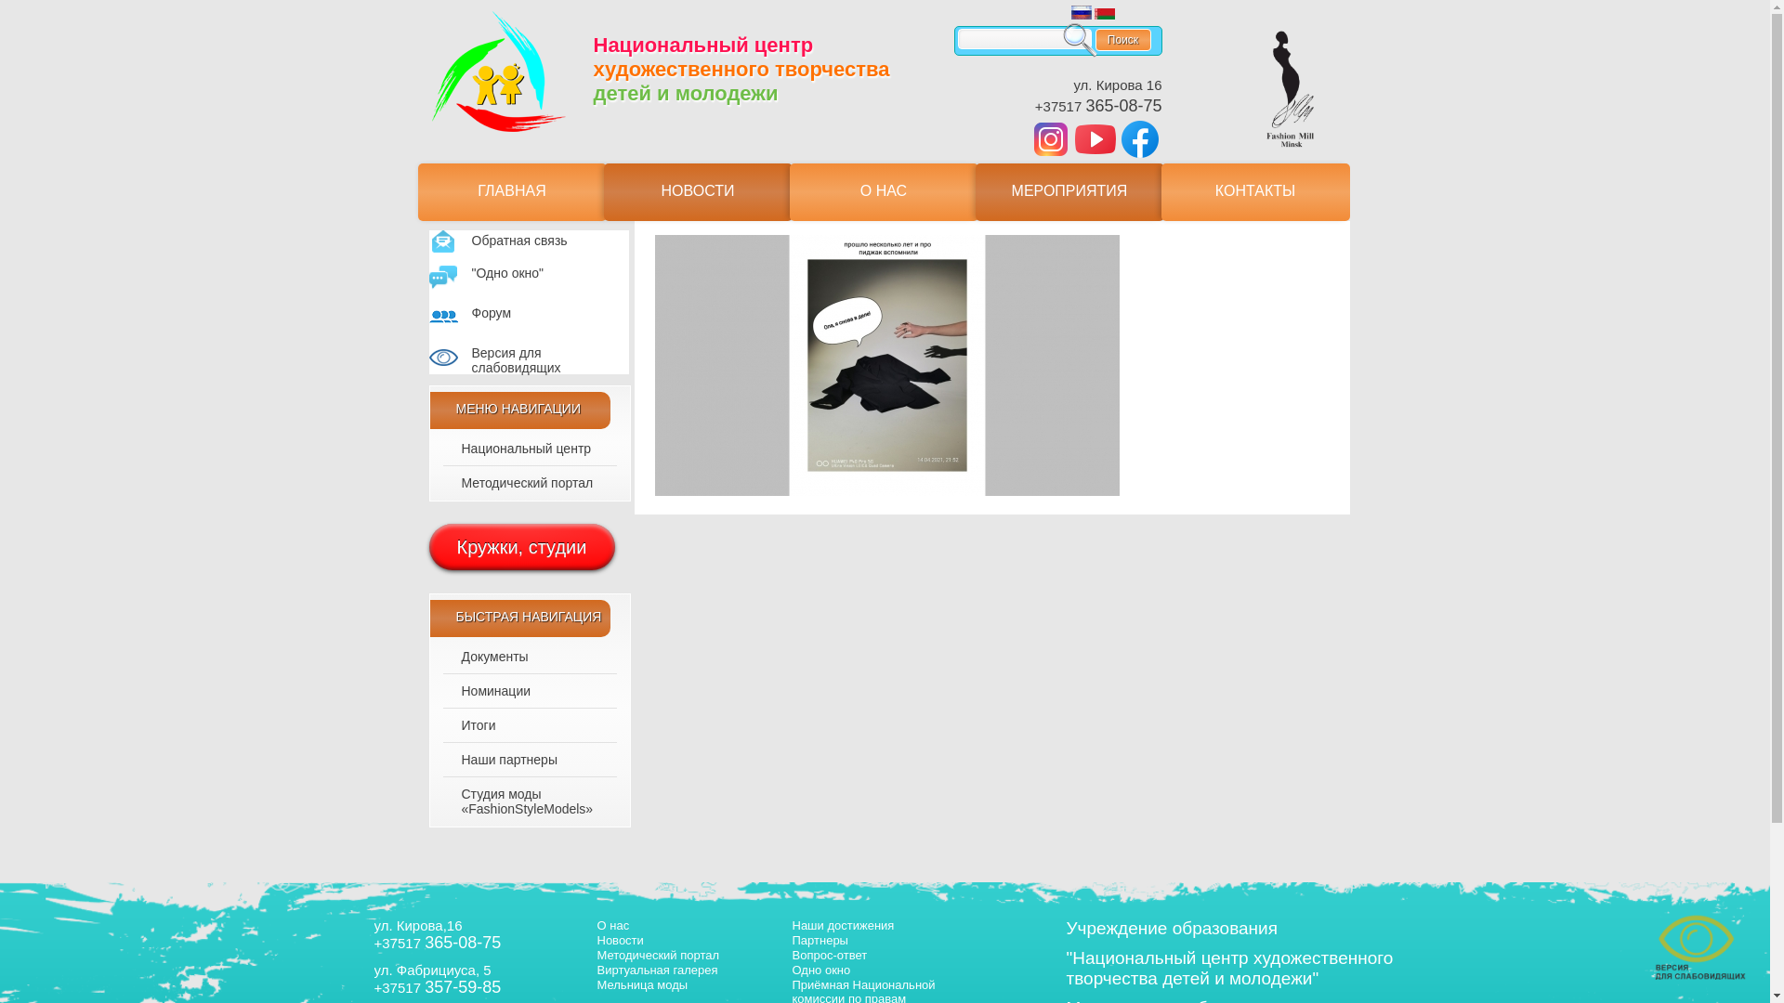  What do you see at coordinates (436, 986) in the screenshot?
I see `'+37517 357-59-85'` at bounding box center [436, 986].